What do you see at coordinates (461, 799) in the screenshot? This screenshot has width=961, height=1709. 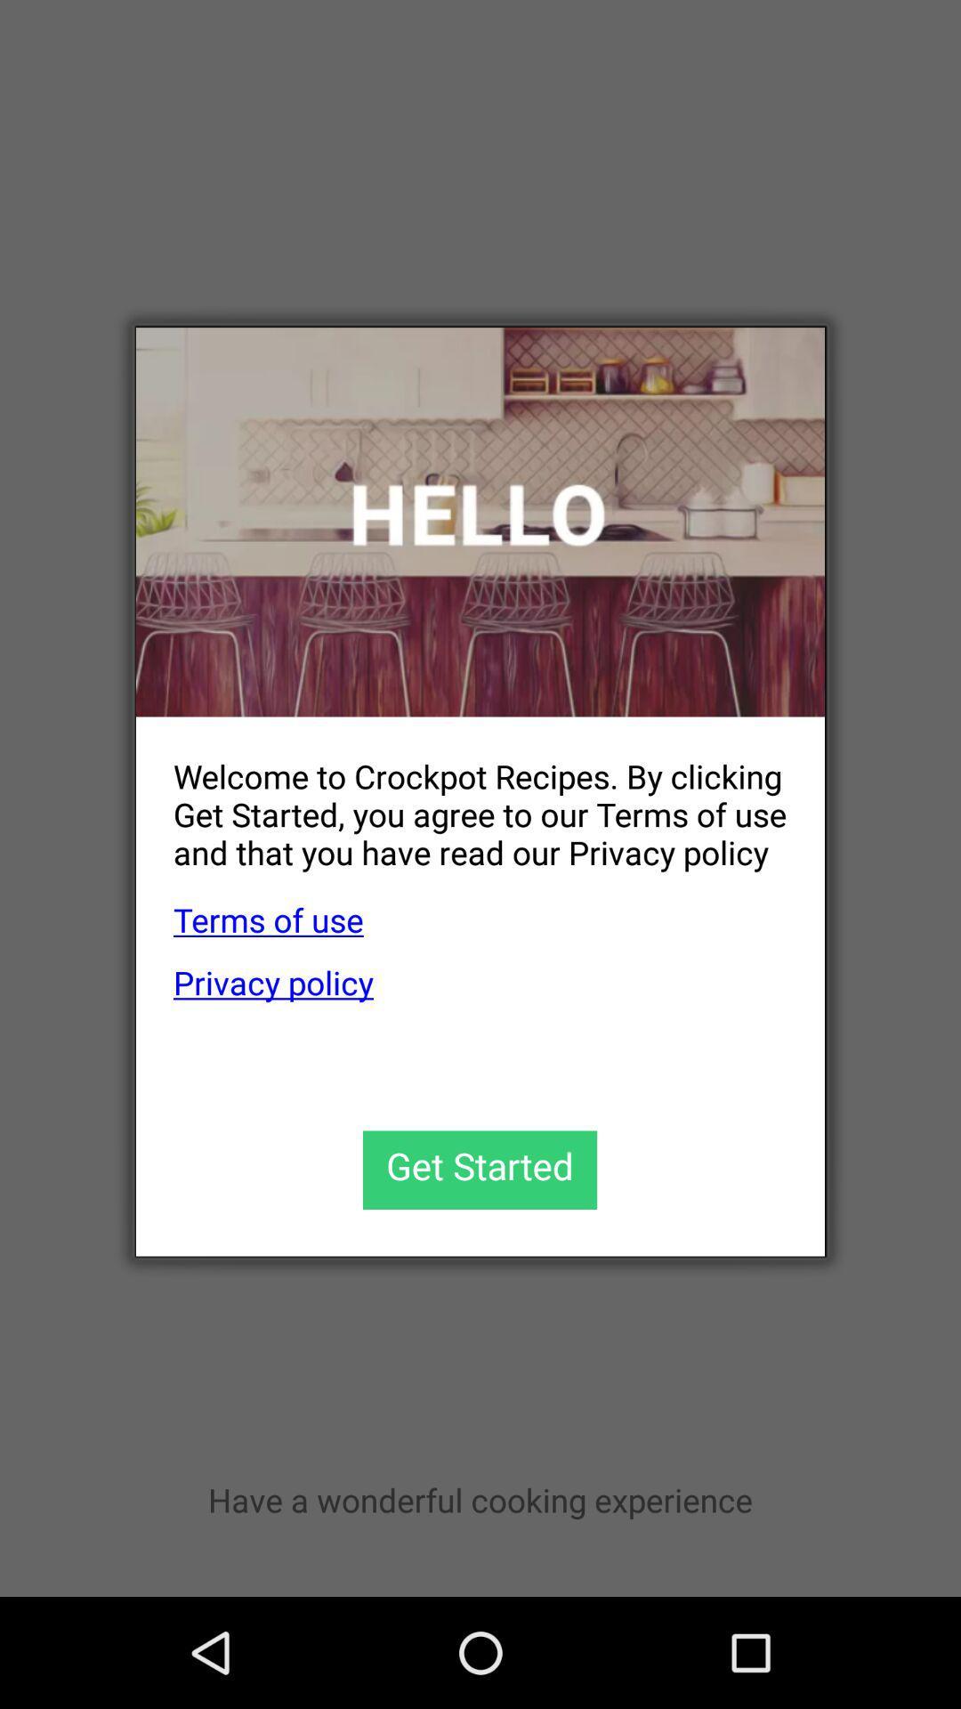 I see `icon above the terms of use item` at bounding box center [461, 799].